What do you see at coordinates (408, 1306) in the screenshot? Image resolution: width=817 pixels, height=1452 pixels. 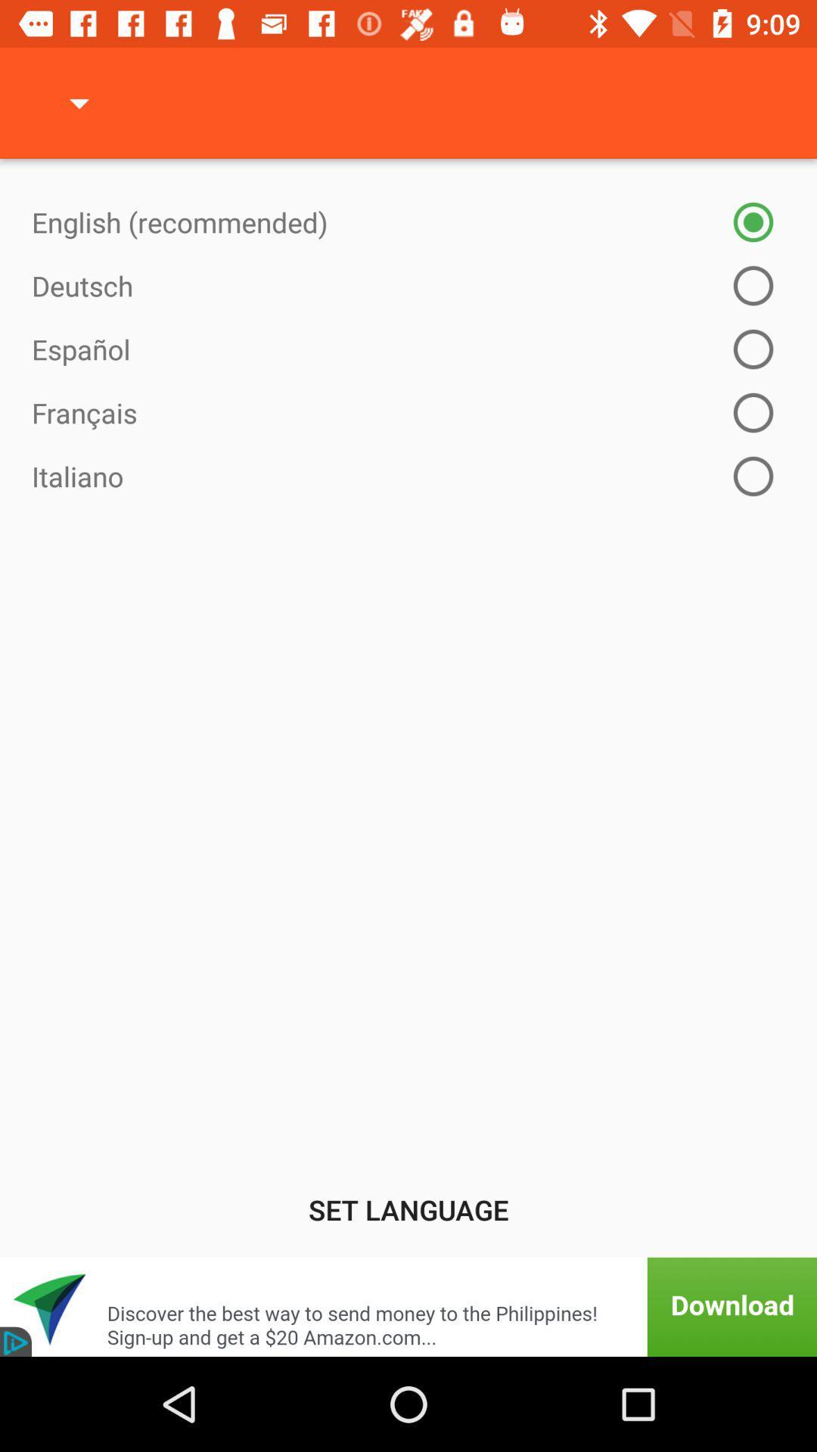 I see `advertisements` at bounding box center [408, 1306].